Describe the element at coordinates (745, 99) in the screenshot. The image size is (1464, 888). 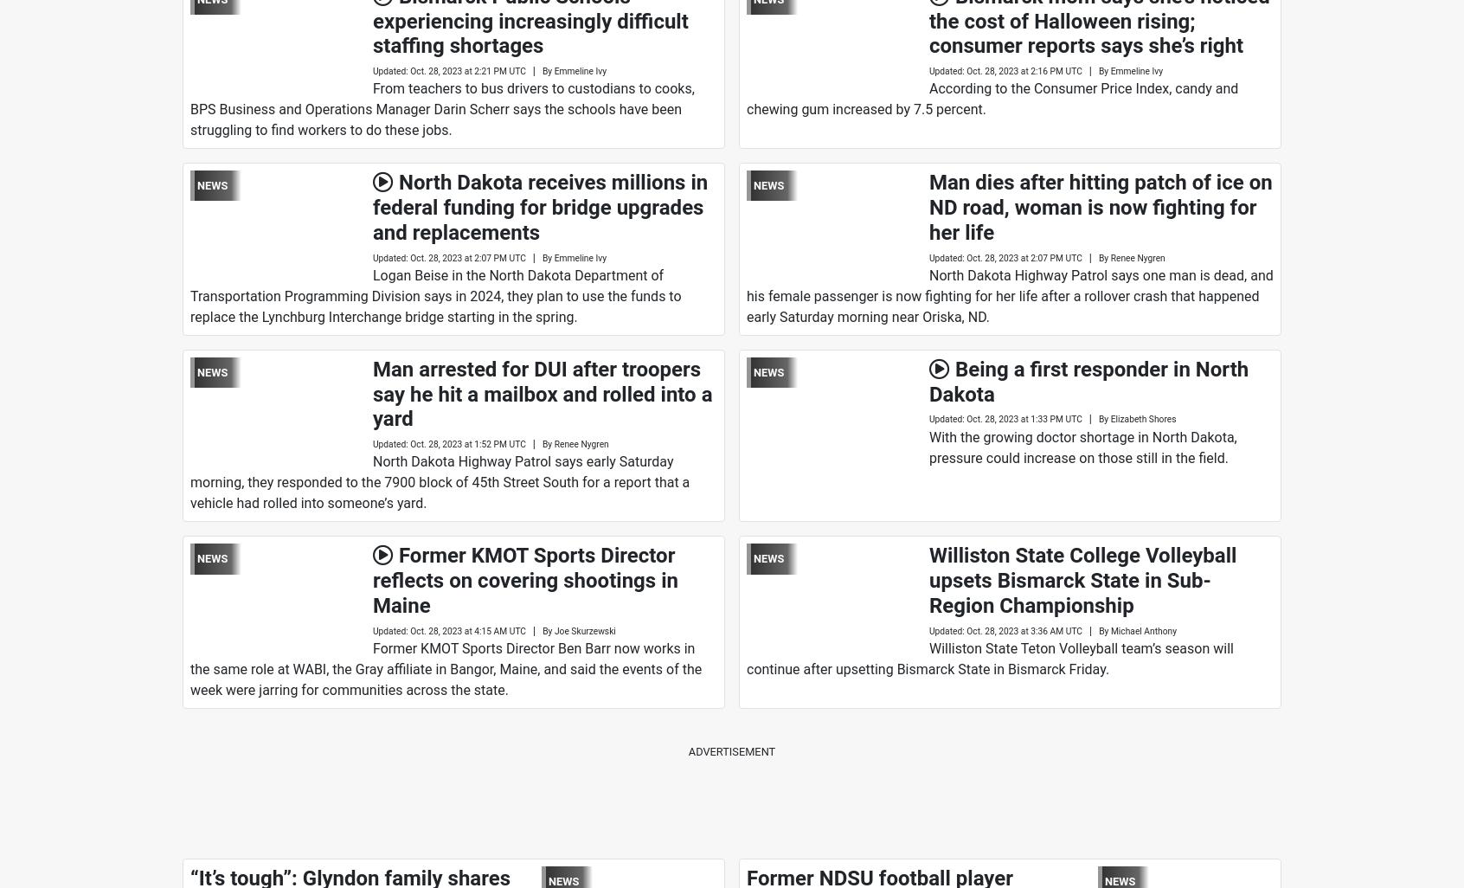
I see `'According to the Consumer Price Index, candy and chewing gum increased by 7.5 percent.'` at that location.